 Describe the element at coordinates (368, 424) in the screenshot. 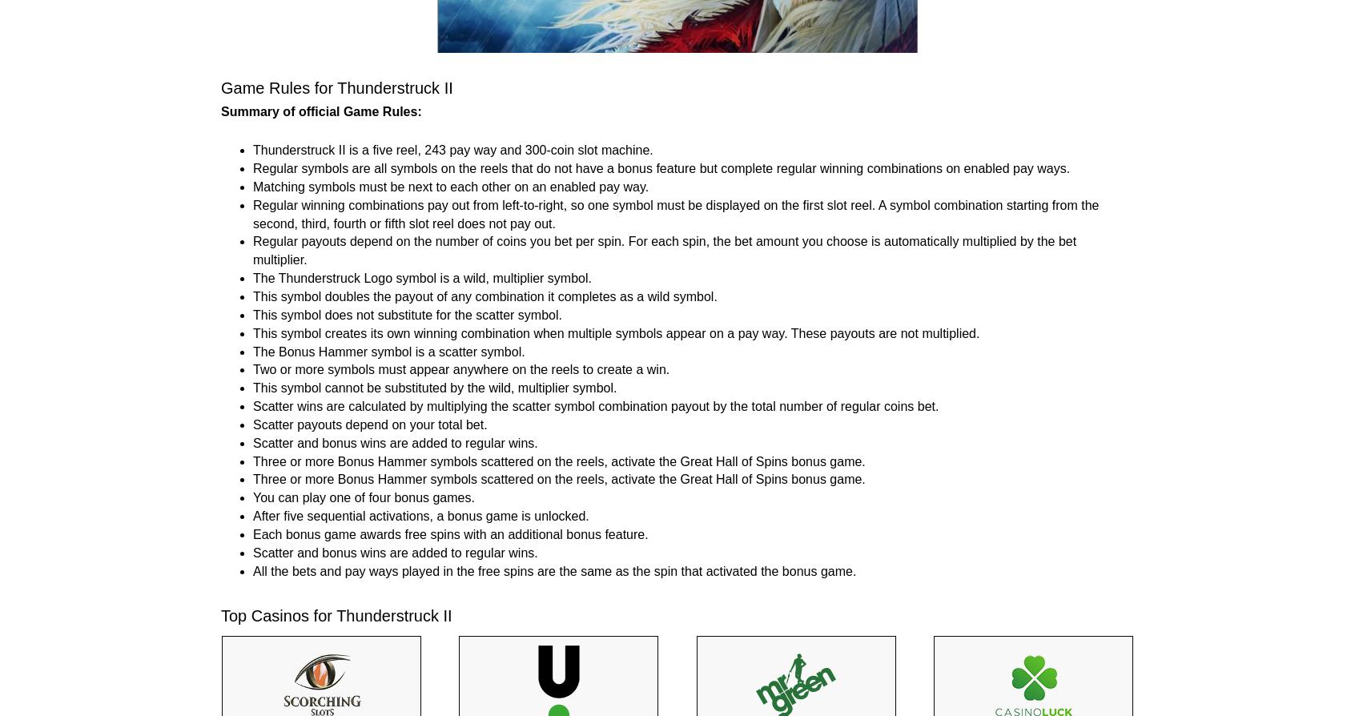

I see `'Scatter payouts depend on your total bet.'` at that location.